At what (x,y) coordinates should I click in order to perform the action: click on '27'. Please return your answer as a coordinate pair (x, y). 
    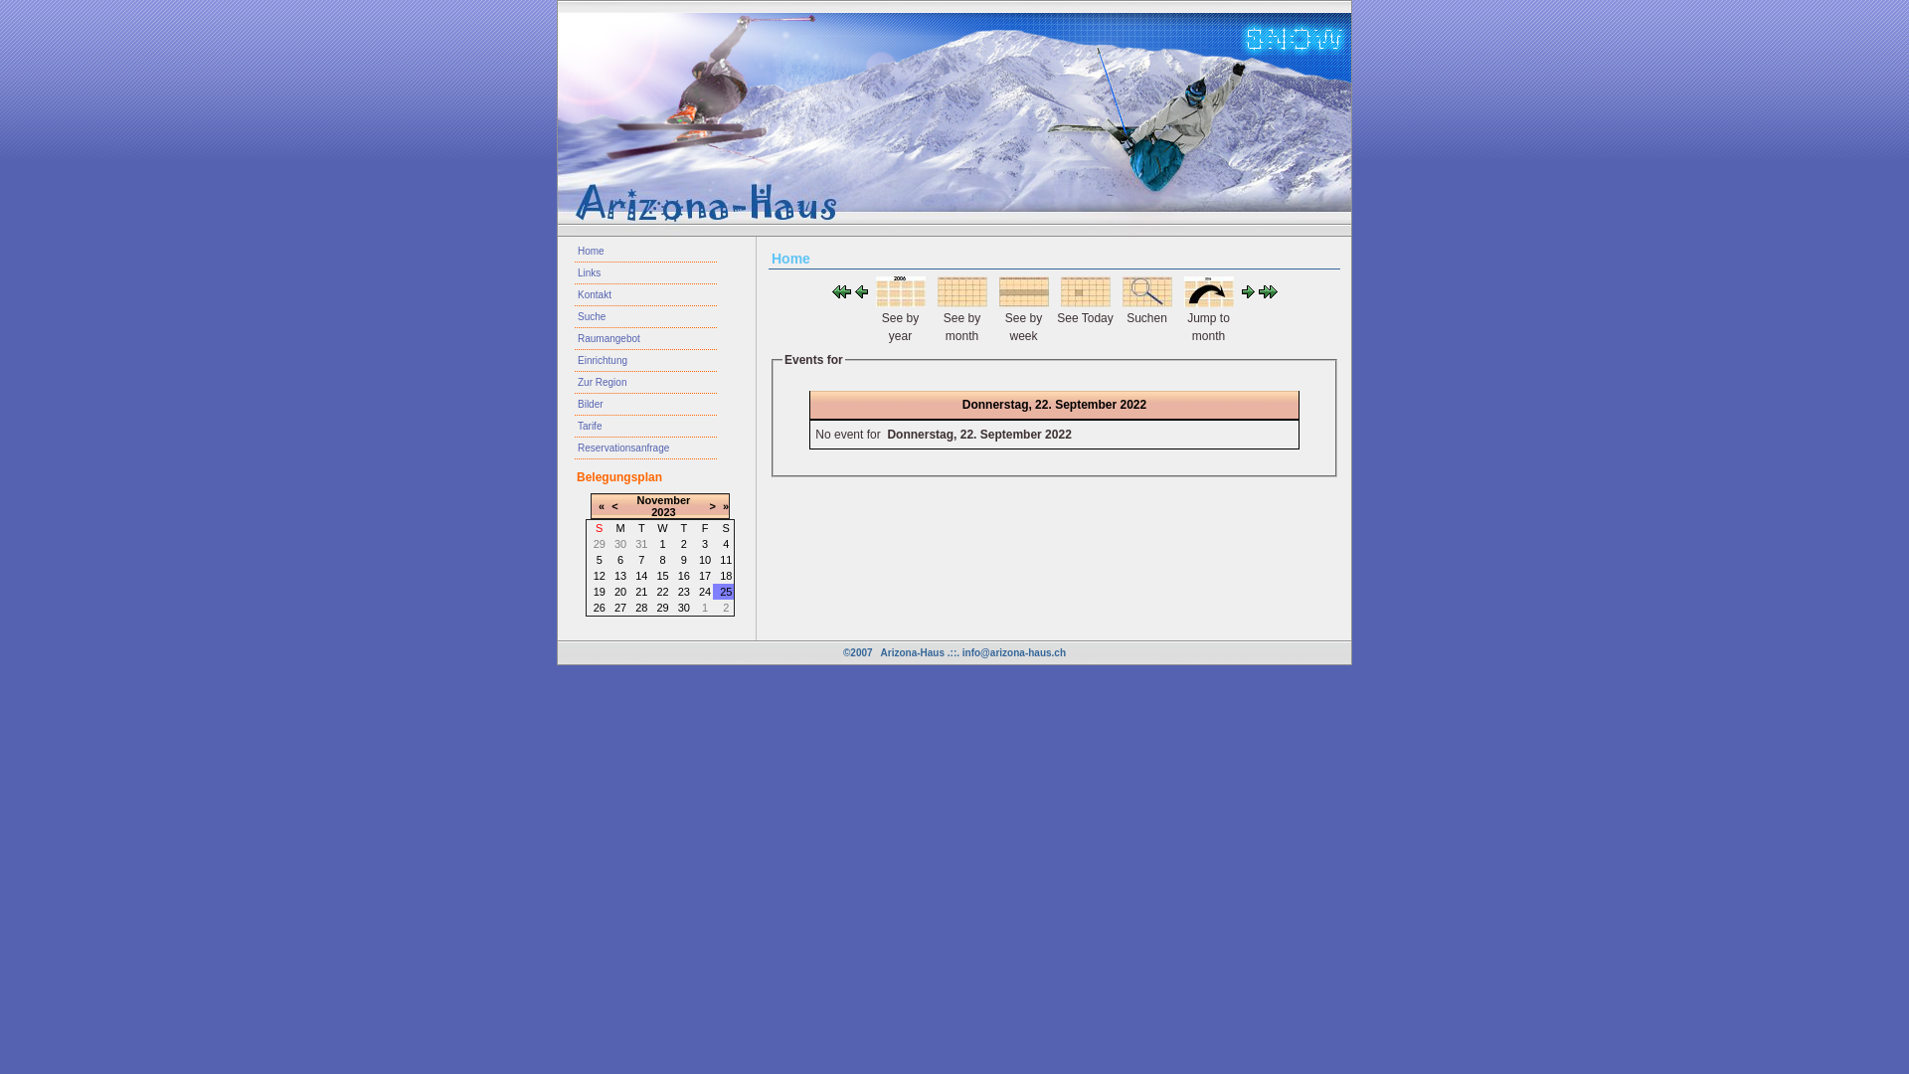
    Looking at the image, I should click on (619, 606).